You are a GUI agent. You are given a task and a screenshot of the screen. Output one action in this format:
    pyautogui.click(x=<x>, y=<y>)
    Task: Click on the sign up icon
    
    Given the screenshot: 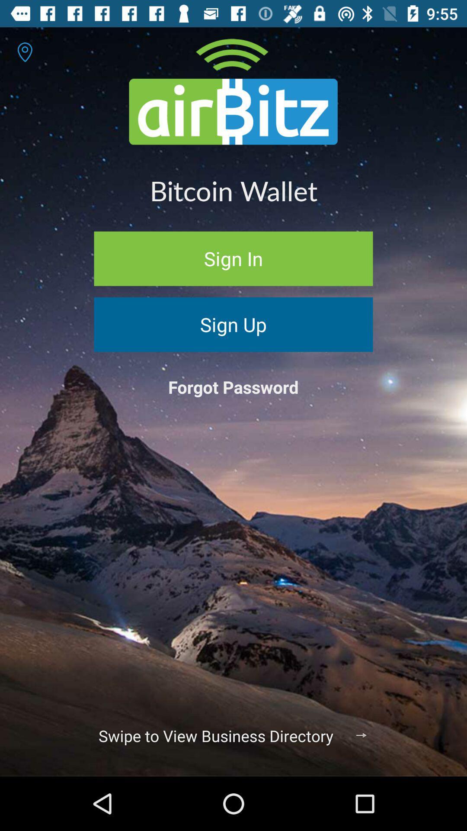 What is the action you would take?
    pyautogui.click(x=233, y=324)
    